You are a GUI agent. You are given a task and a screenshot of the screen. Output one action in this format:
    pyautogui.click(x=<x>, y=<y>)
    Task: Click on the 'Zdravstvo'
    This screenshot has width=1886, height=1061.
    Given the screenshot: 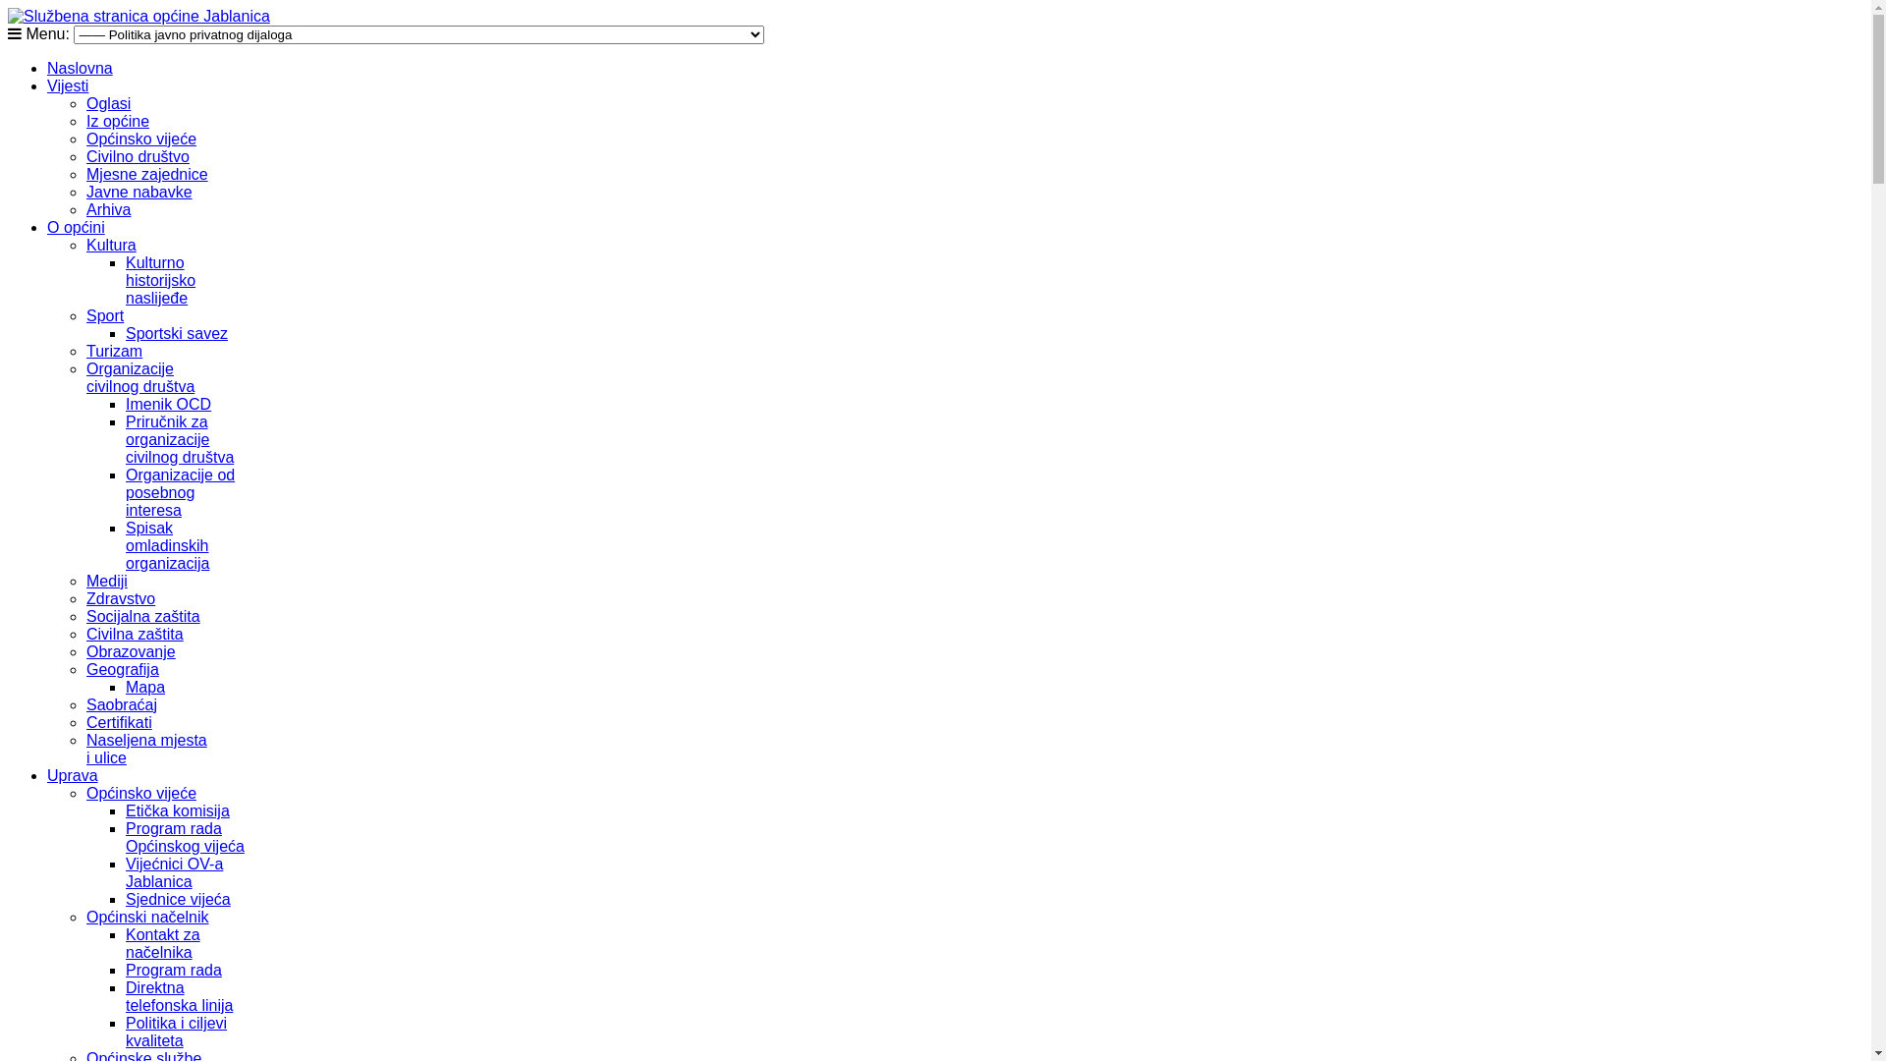 What is the action you would take?
    pyautogui.click(x=84, y=597)
    